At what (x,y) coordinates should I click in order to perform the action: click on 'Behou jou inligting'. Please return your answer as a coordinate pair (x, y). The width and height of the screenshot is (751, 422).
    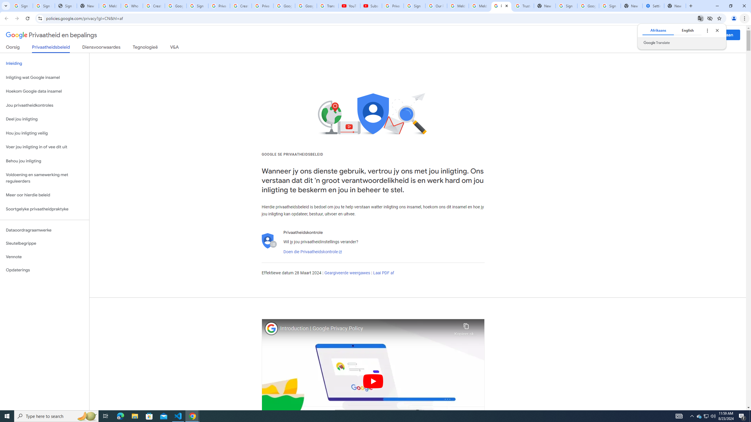
    Looking at the image, I should click on (44, 161).